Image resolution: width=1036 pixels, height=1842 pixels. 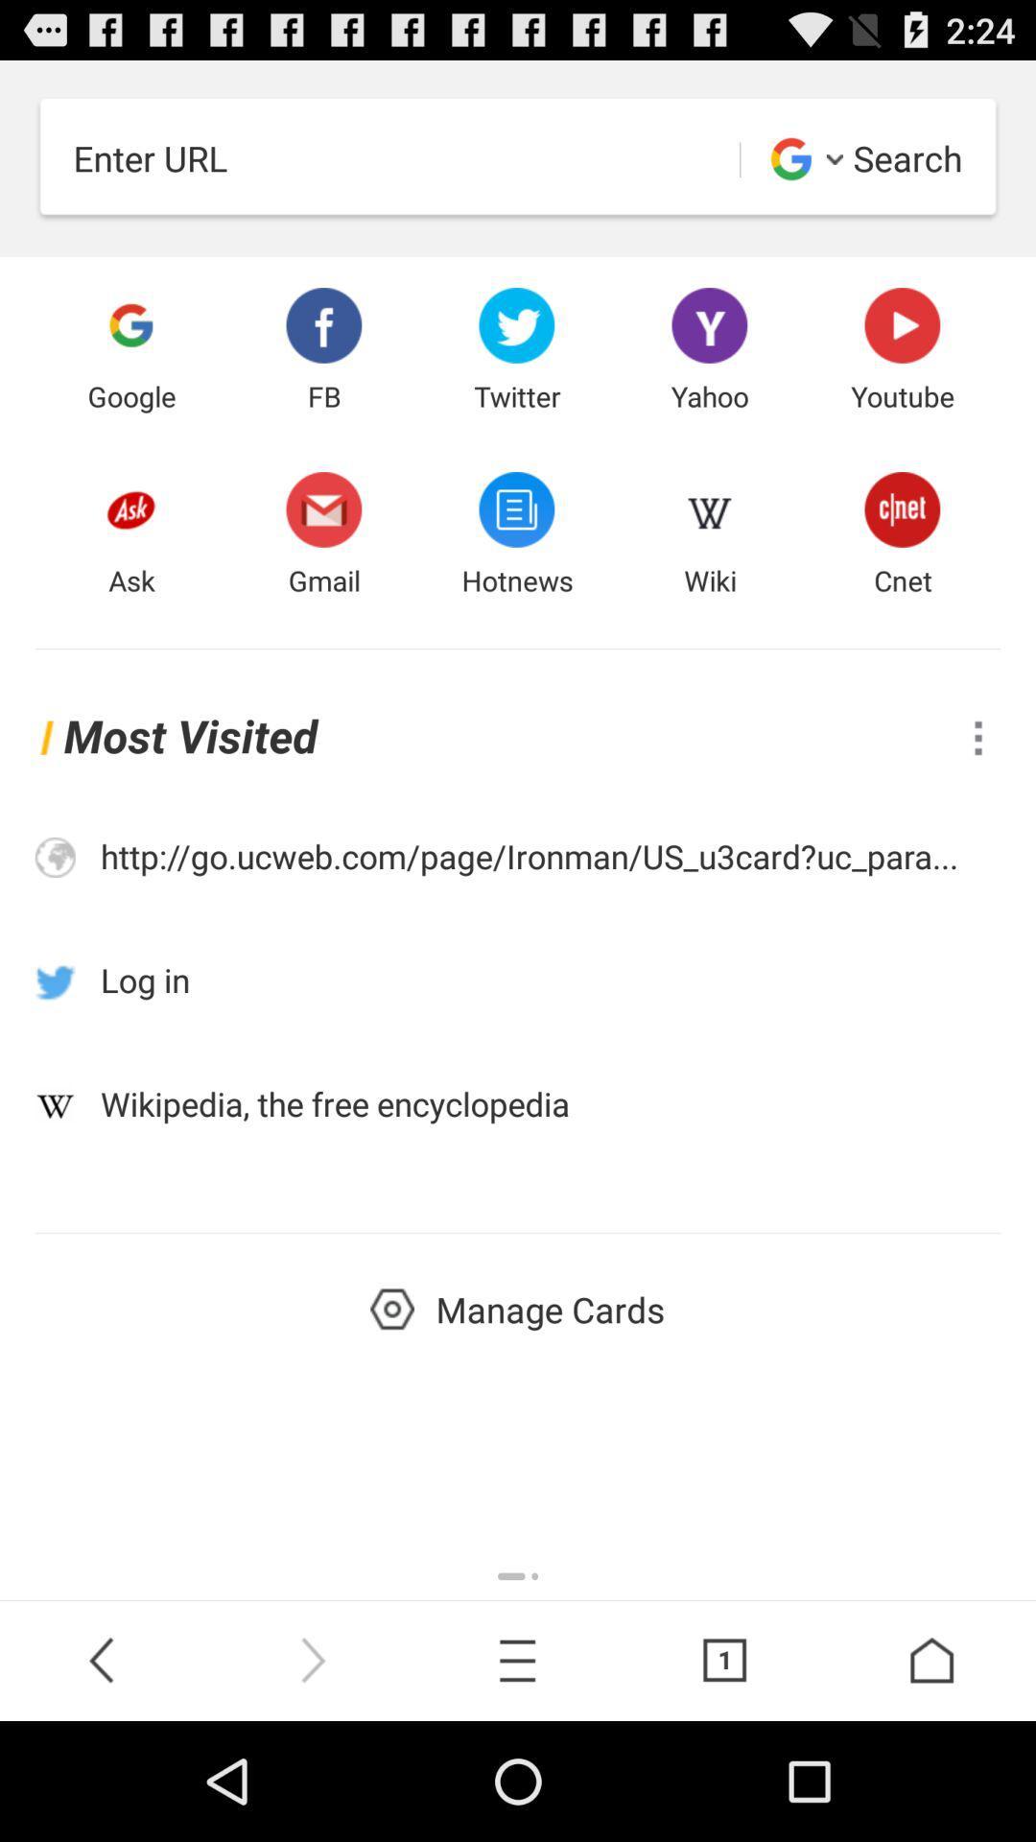 I want to click on open menu, so click(x=977, y=737).